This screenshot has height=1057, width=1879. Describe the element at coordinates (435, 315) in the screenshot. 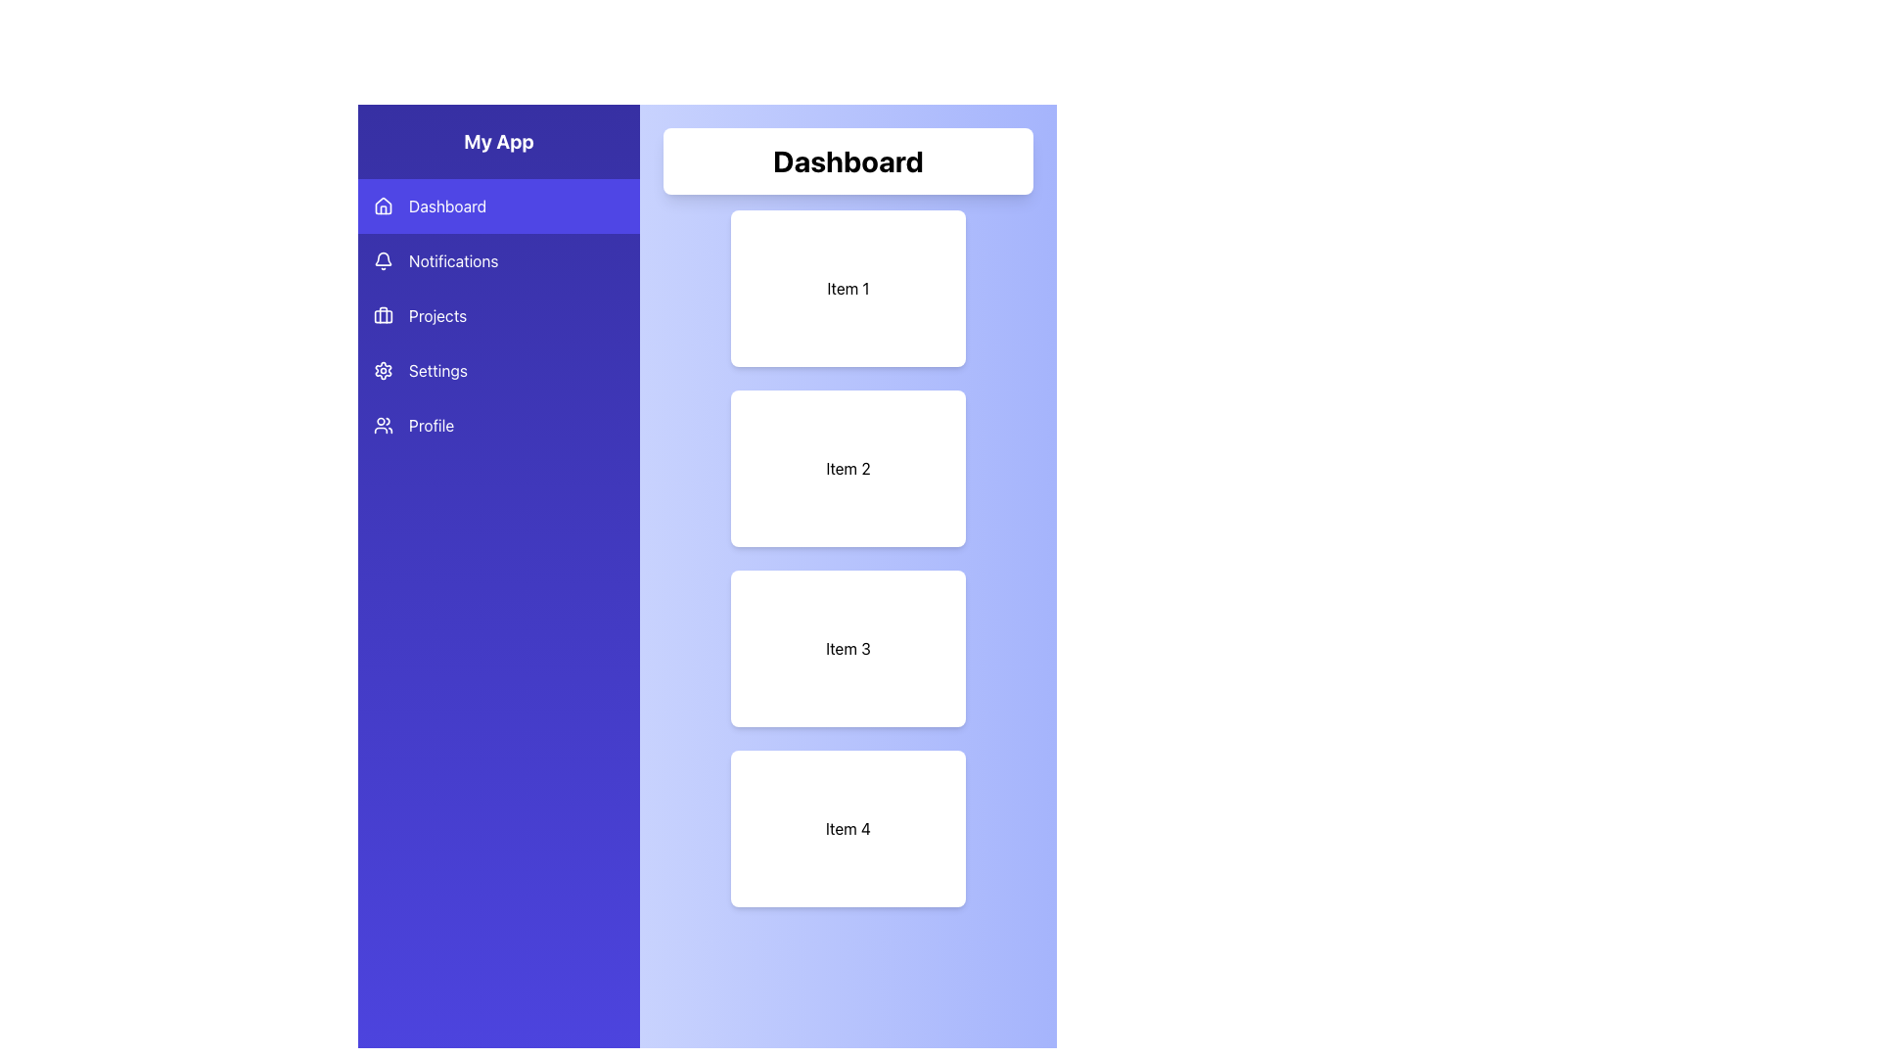

I see `the 'Projects' text label in the vertical navigation menu` at that location.